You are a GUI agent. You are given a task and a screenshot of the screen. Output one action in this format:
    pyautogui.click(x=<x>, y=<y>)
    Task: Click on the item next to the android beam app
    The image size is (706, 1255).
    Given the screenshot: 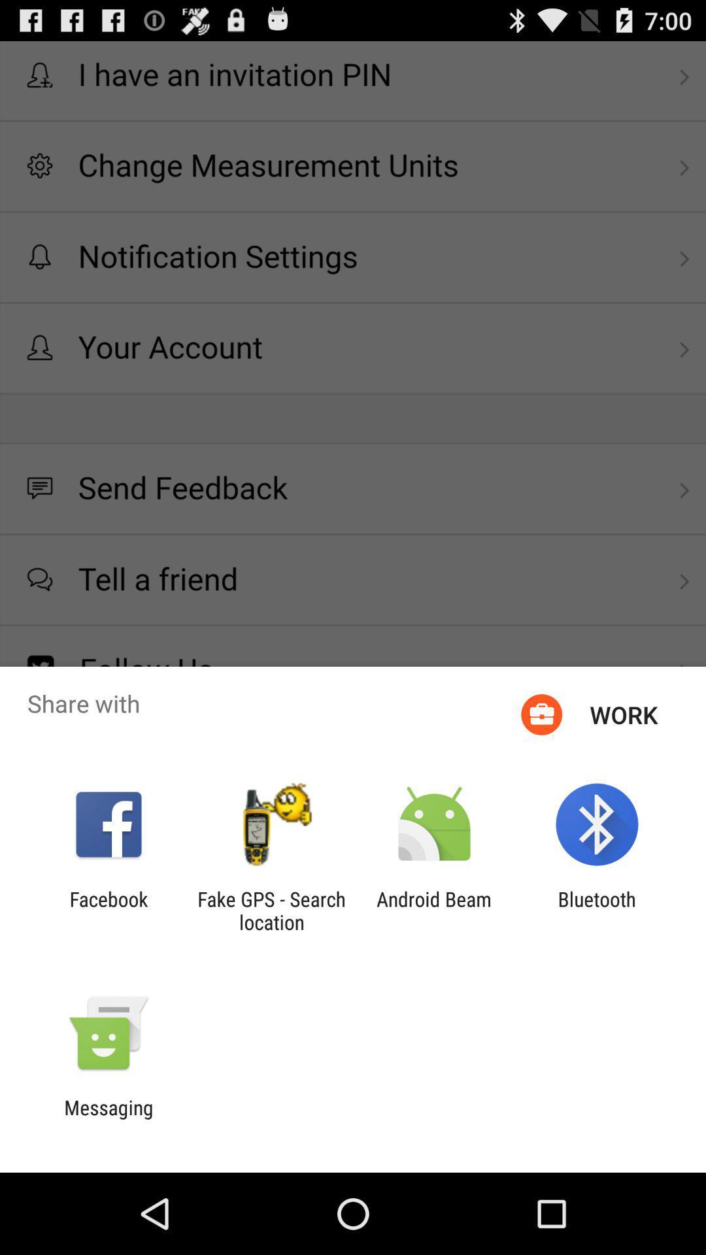 What is the action you would take?
    pyautogui.click(x=597, y=910)
    